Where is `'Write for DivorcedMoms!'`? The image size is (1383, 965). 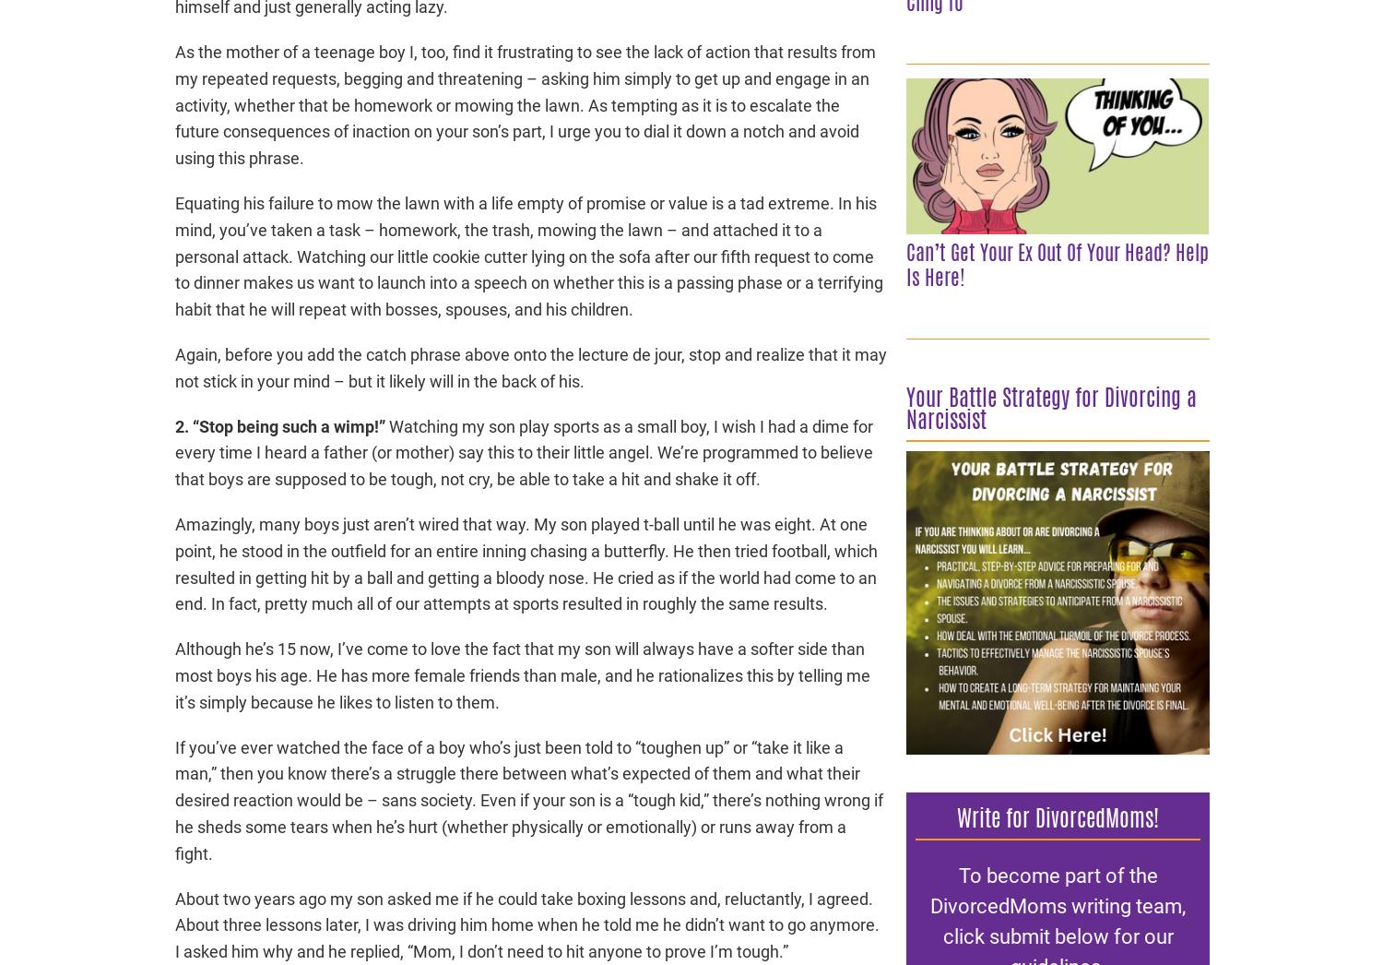 'Write for DivorcedMoms!' is located at coordinates (957, 817).